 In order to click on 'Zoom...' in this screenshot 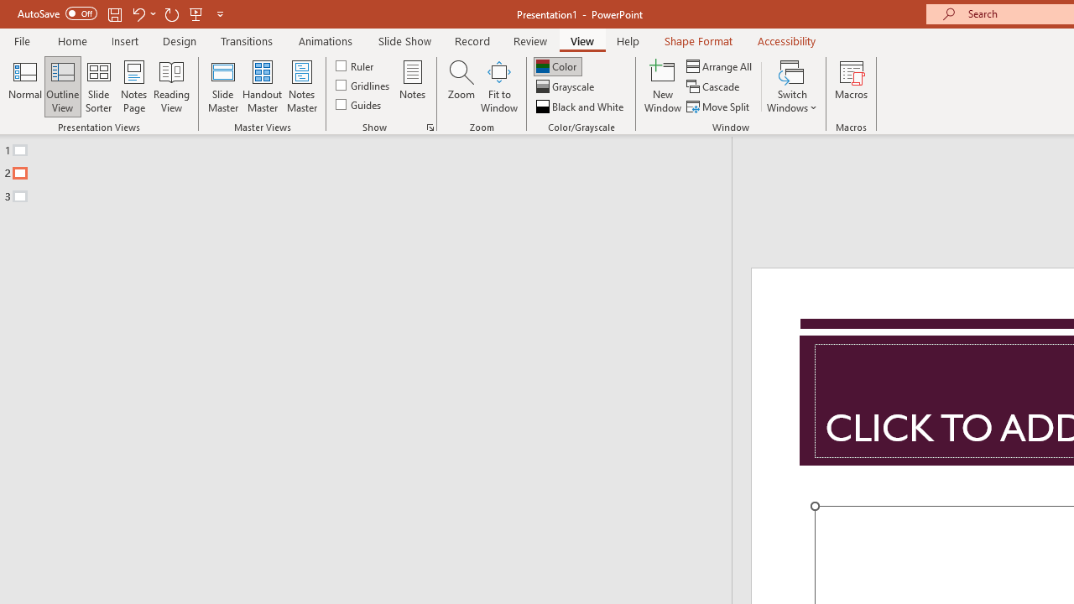, I will do `click(461, 86)`.